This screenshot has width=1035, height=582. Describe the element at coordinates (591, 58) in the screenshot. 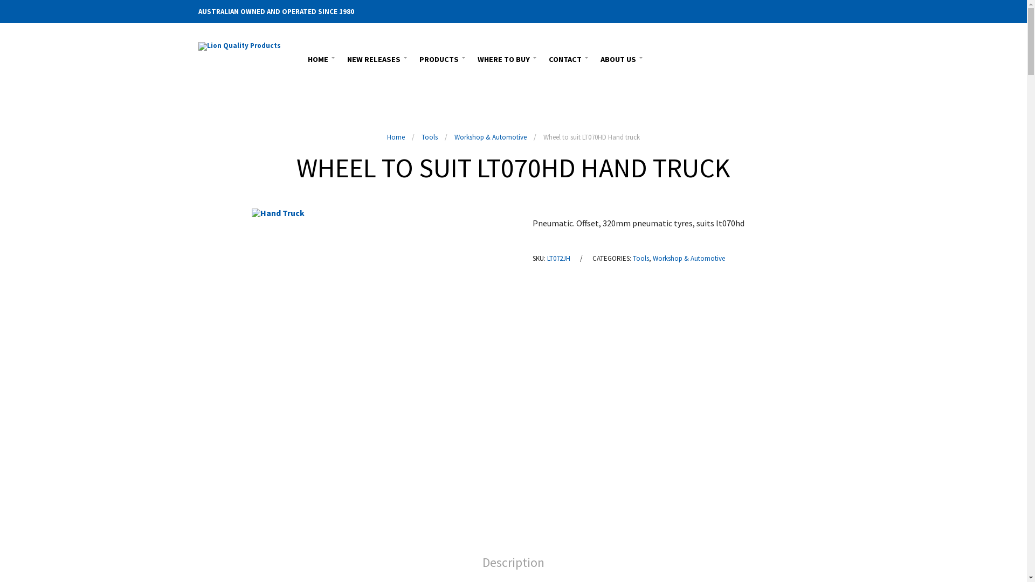

I see `'ABOUT US'` at that location.